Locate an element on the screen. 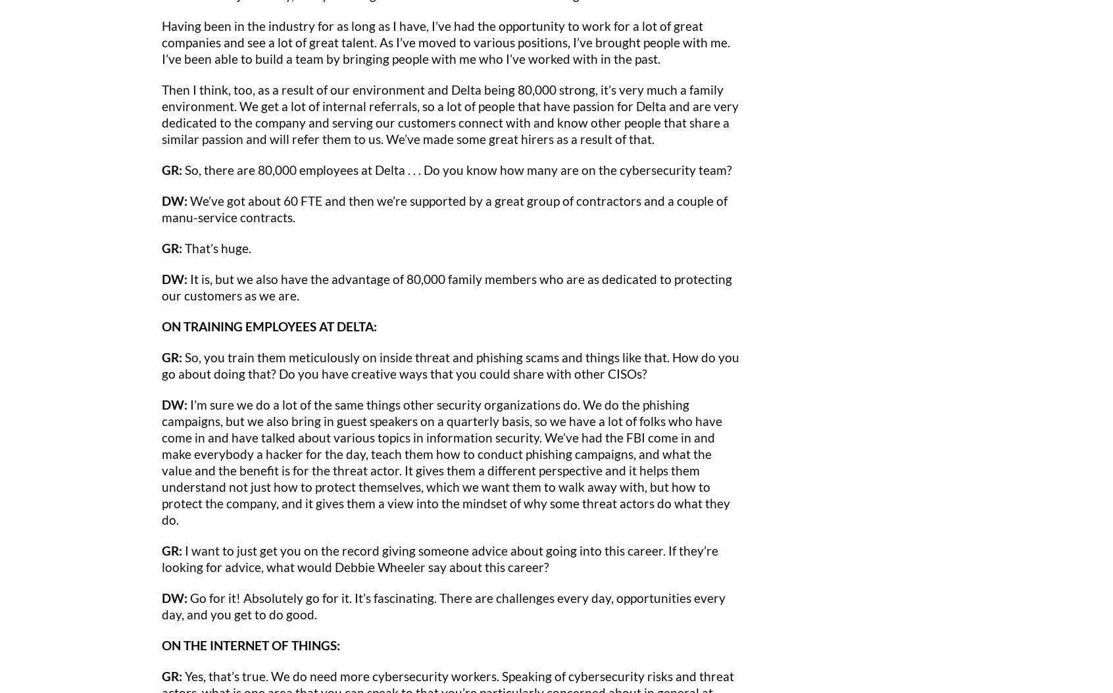 The width and height of the screenshot is (1113, 693). 'ON TRAINING EMPLOYEES AT DELTA:' is located at coordinates (162, 325).